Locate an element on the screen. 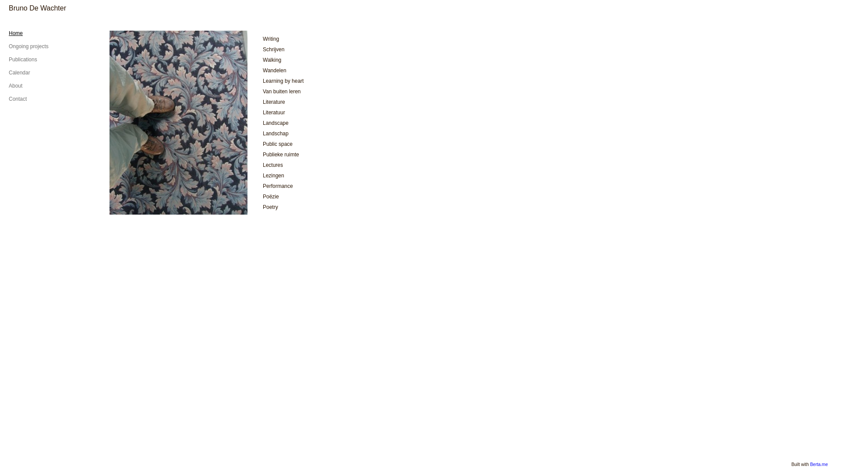 This screenshot has height=473, width=841. 'Berta.me' is located at coordinates (818, 464).